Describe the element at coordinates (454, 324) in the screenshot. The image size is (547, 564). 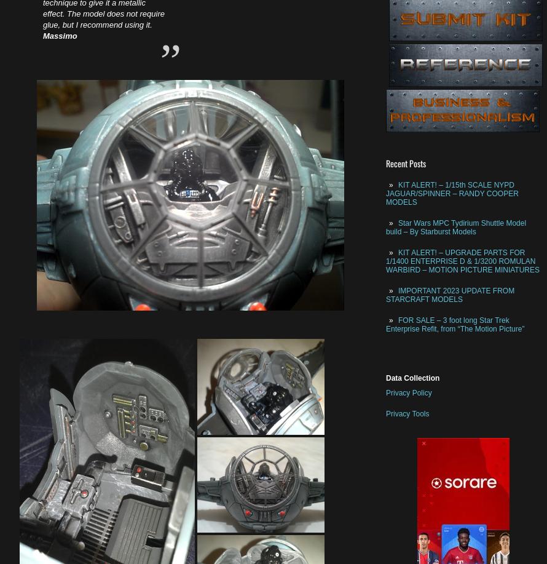
I see `'FOR SALE – 3 foot long Star Trek Enterprise Refit, from “The Motion Picture”'` at that location.